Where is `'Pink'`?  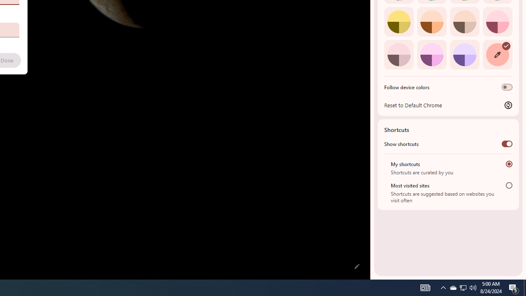 'Pink' is located at coordinates (399, 54).